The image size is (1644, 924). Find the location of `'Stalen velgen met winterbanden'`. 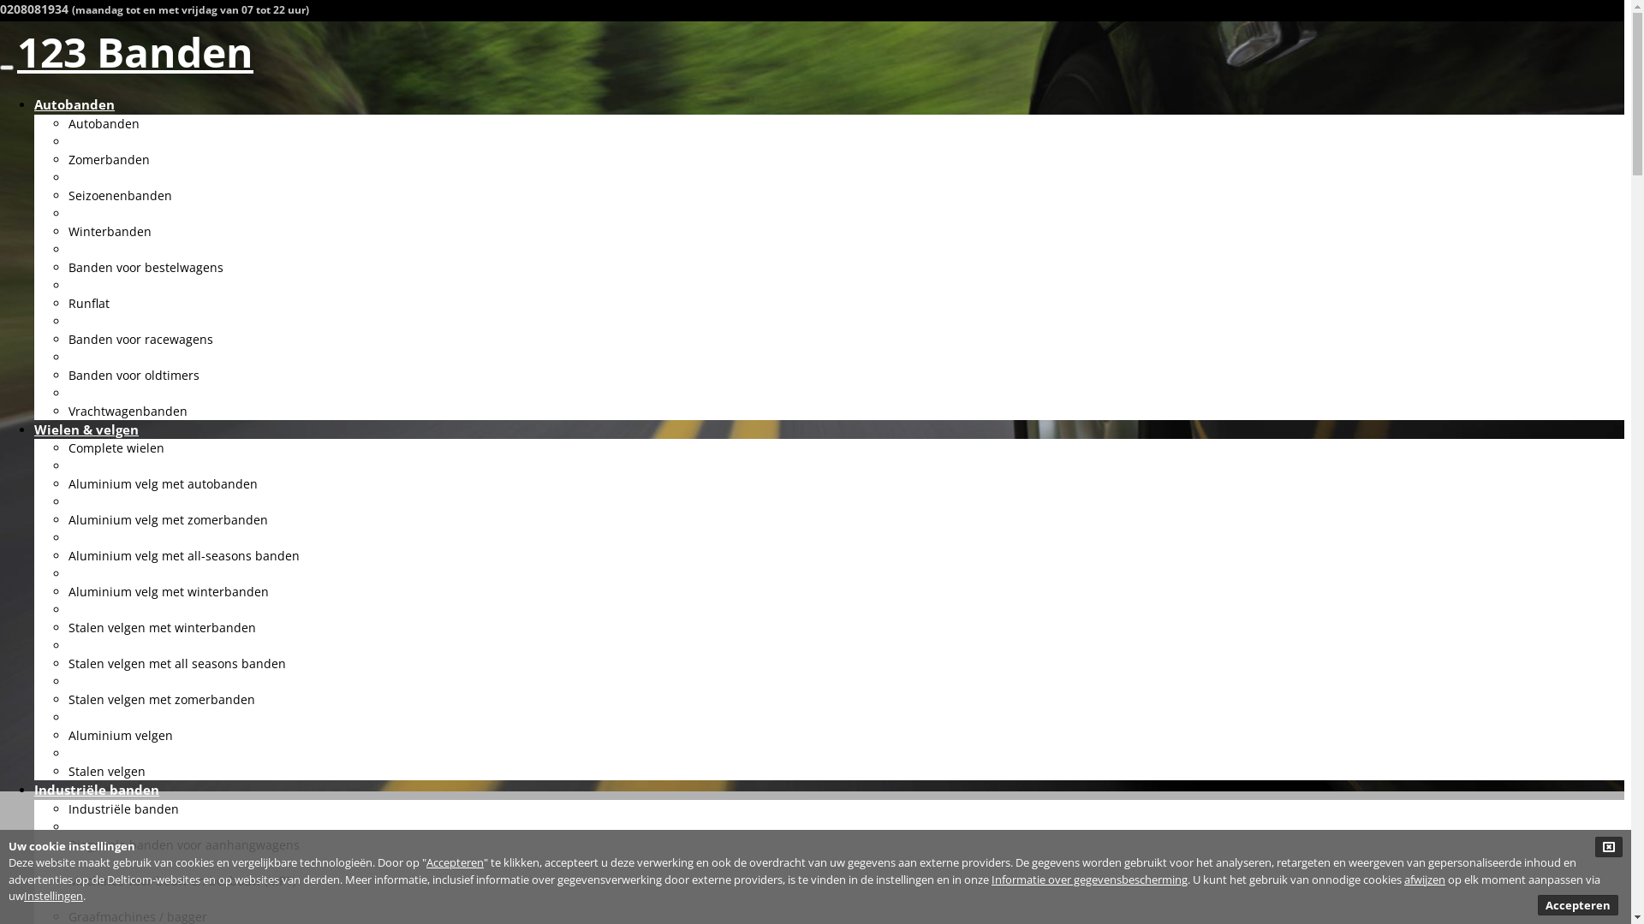

'Stalen velgen met winterbanden' is located at coordinates (162, 627).